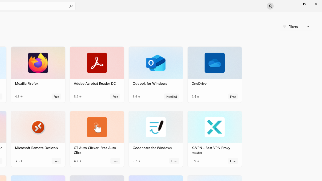  I want to click on 'OneDrive. Average rating of 2.4 out of five stars. Free  ', so click(215, 74).